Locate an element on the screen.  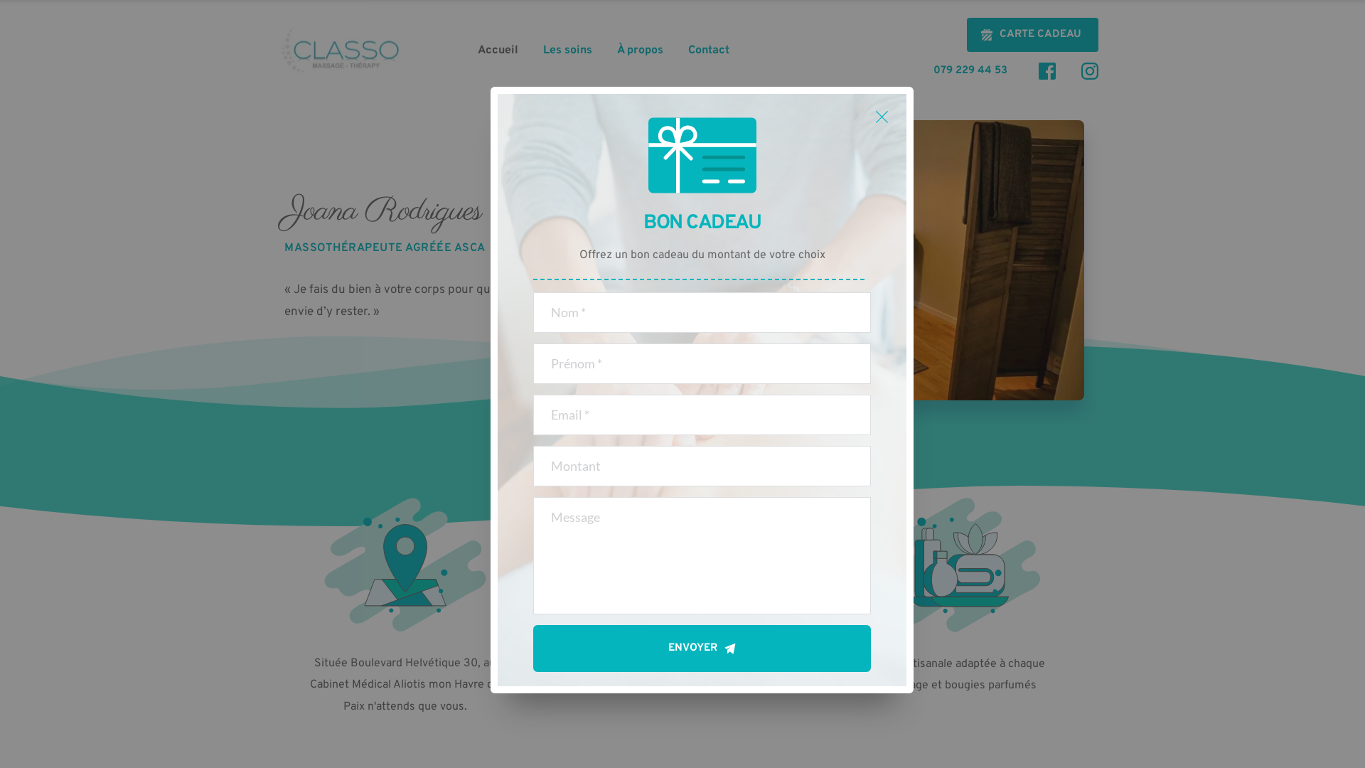
'Les soins' is located at coordinates (567, 49).